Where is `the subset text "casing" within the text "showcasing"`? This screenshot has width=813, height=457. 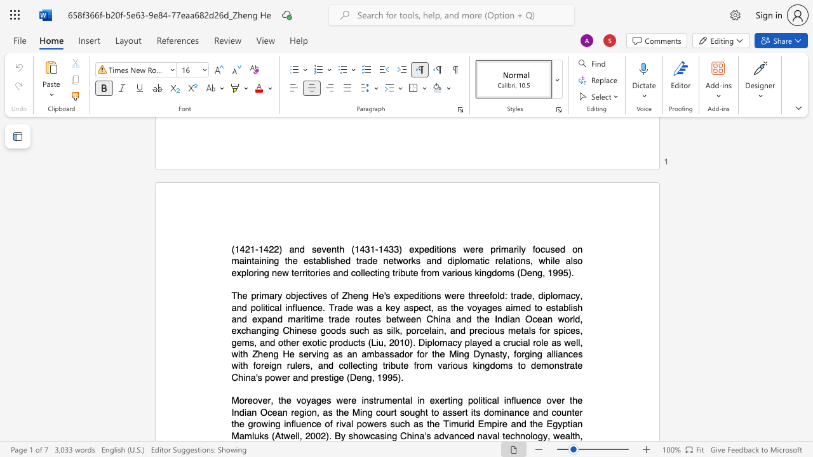 the subset text "casing" within the text "showcasing" is located at coordinates (370, 435).